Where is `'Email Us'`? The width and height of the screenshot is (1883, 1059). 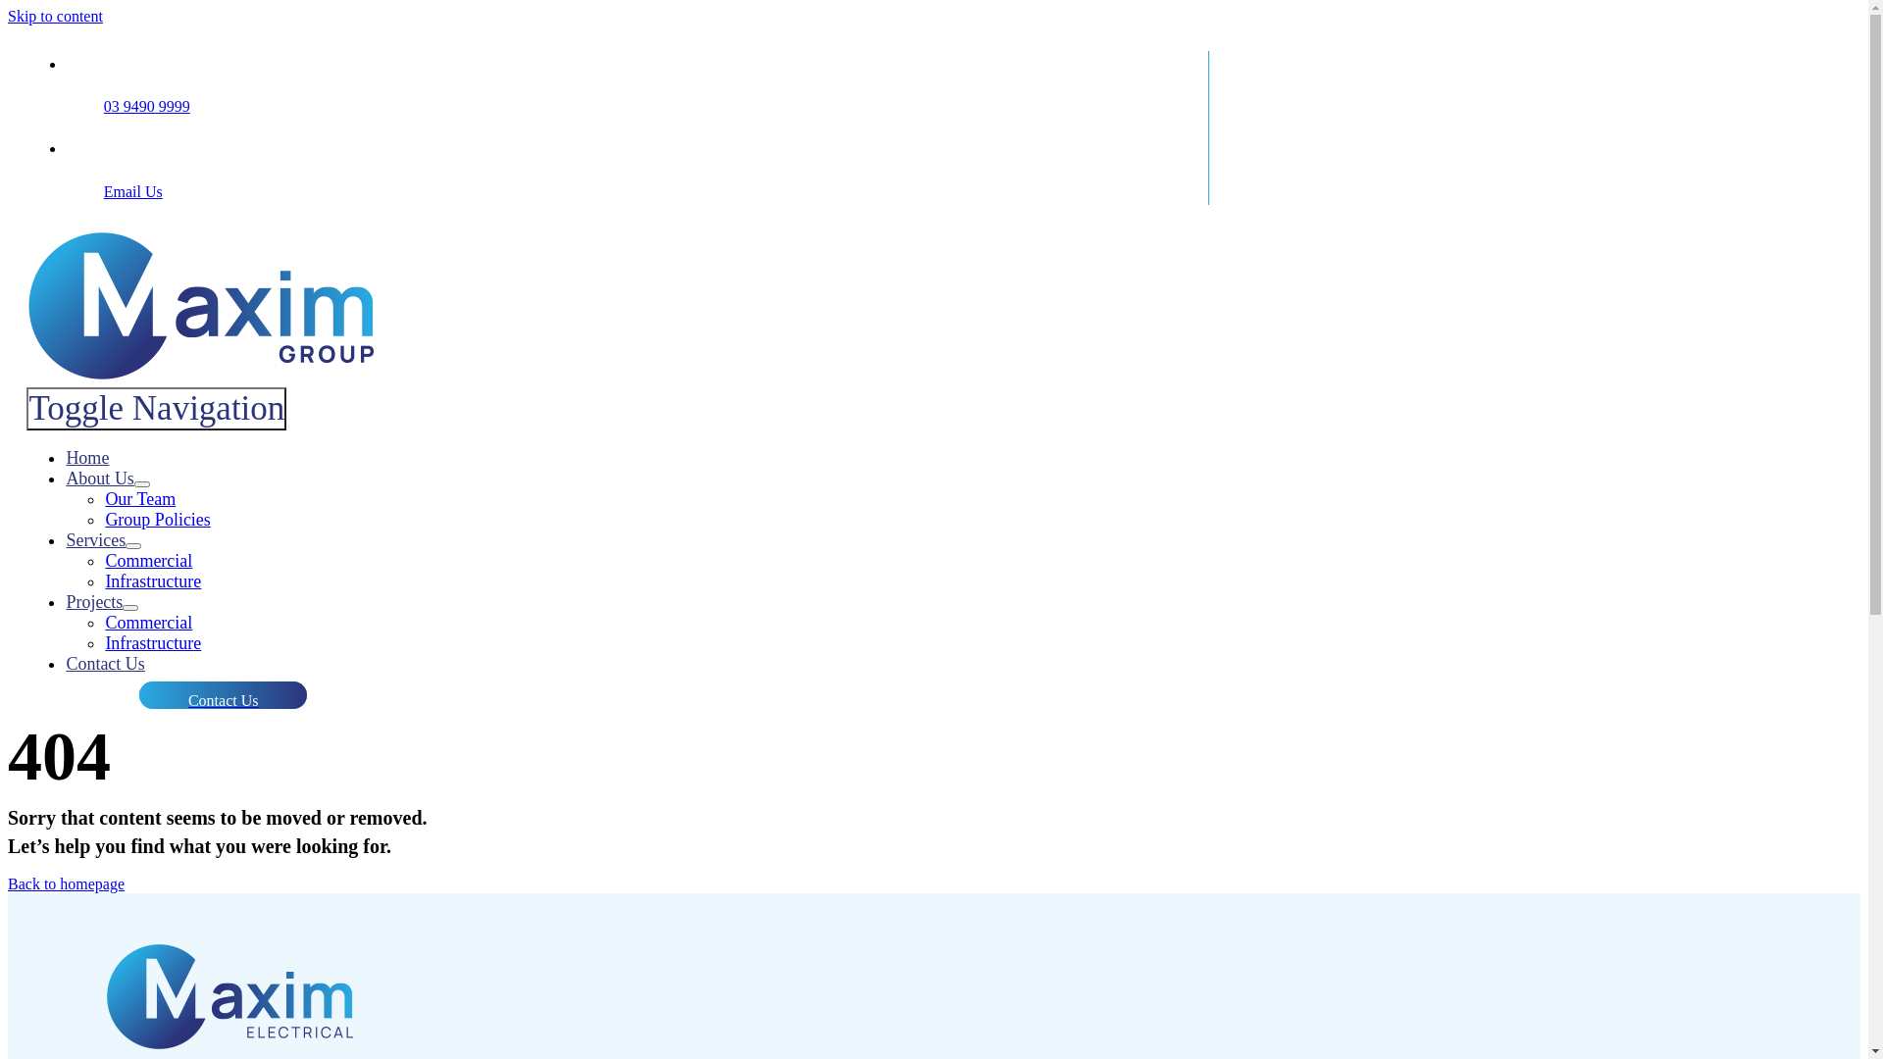
'Email Us' is located at coordinates (131, 191).